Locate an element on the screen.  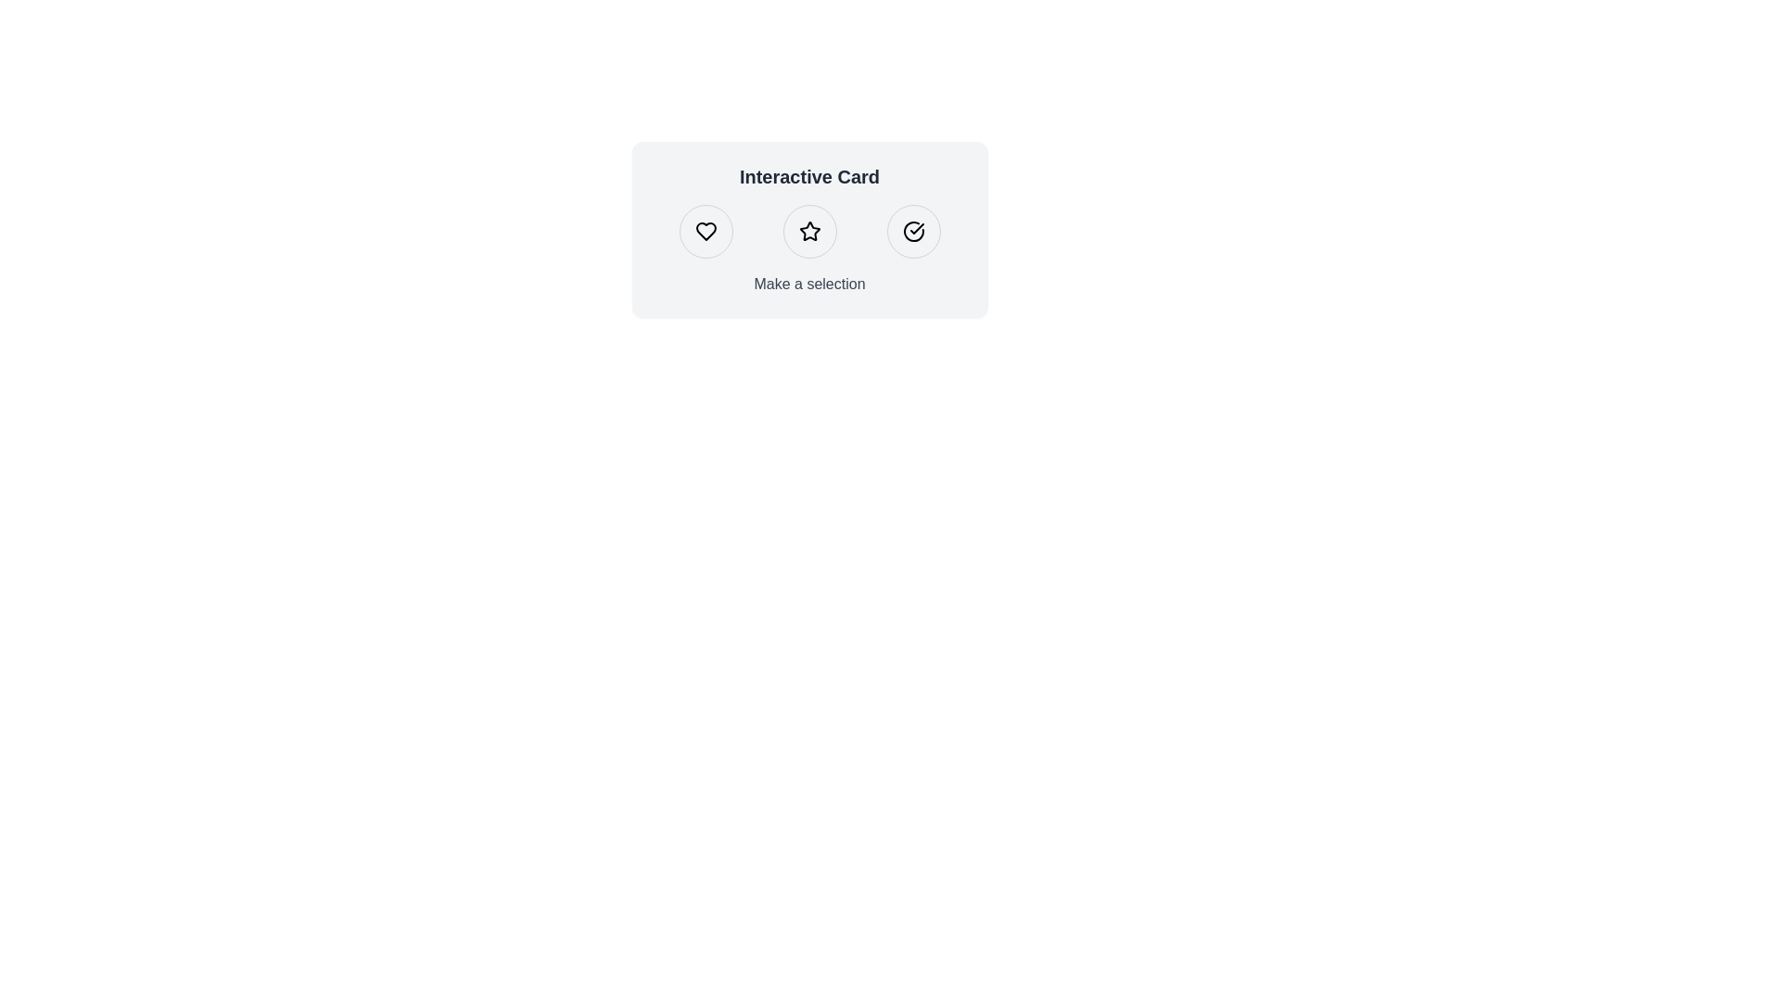
the leftmost circular button intended for favorite or like interaction is located at coordinates (705, 231).